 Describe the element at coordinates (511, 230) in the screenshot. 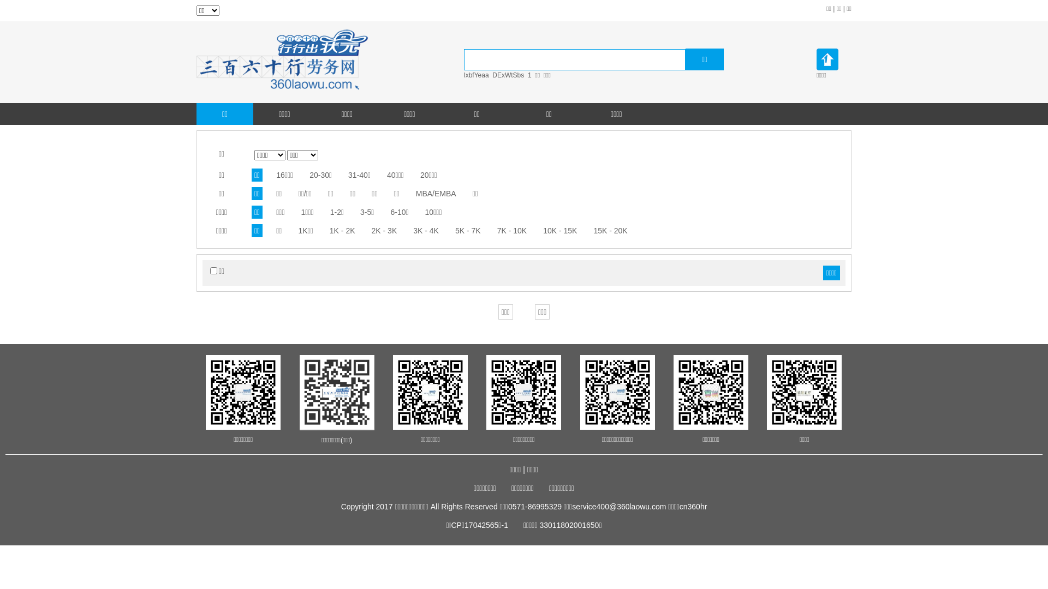

I see `'7K - 10K'` at that location.